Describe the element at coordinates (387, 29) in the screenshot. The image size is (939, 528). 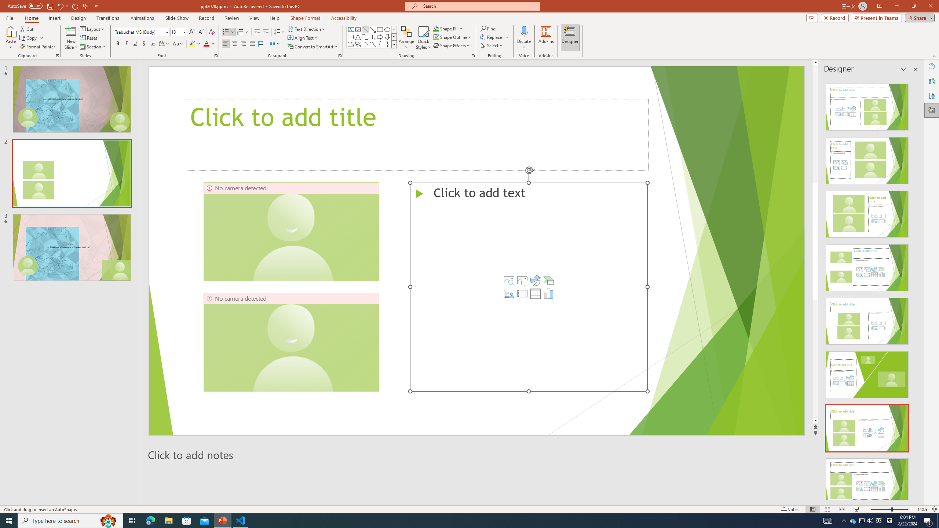
I see `'Oval'` at that location.